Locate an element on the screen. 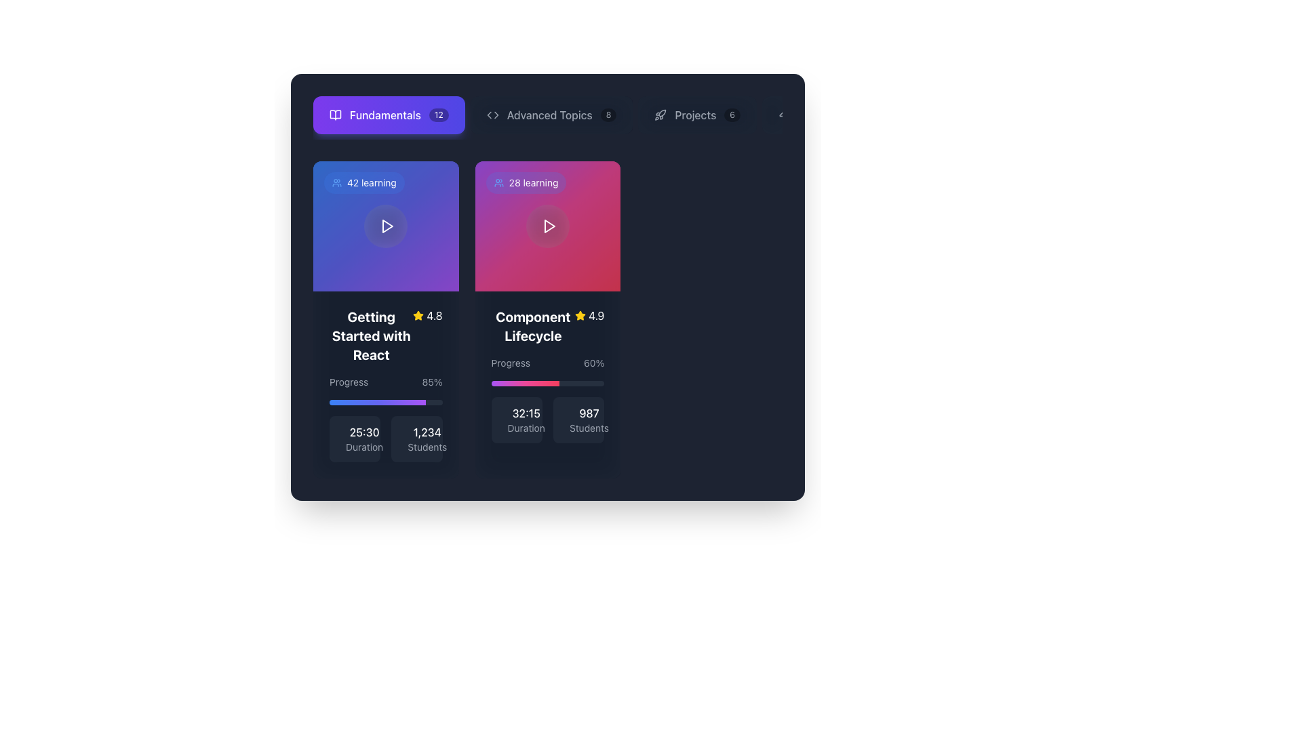  the static text label indicating the progress percentage of the task located above the progress bar in the 'Component Lifecycle' card is located at coordinates (594, 363).